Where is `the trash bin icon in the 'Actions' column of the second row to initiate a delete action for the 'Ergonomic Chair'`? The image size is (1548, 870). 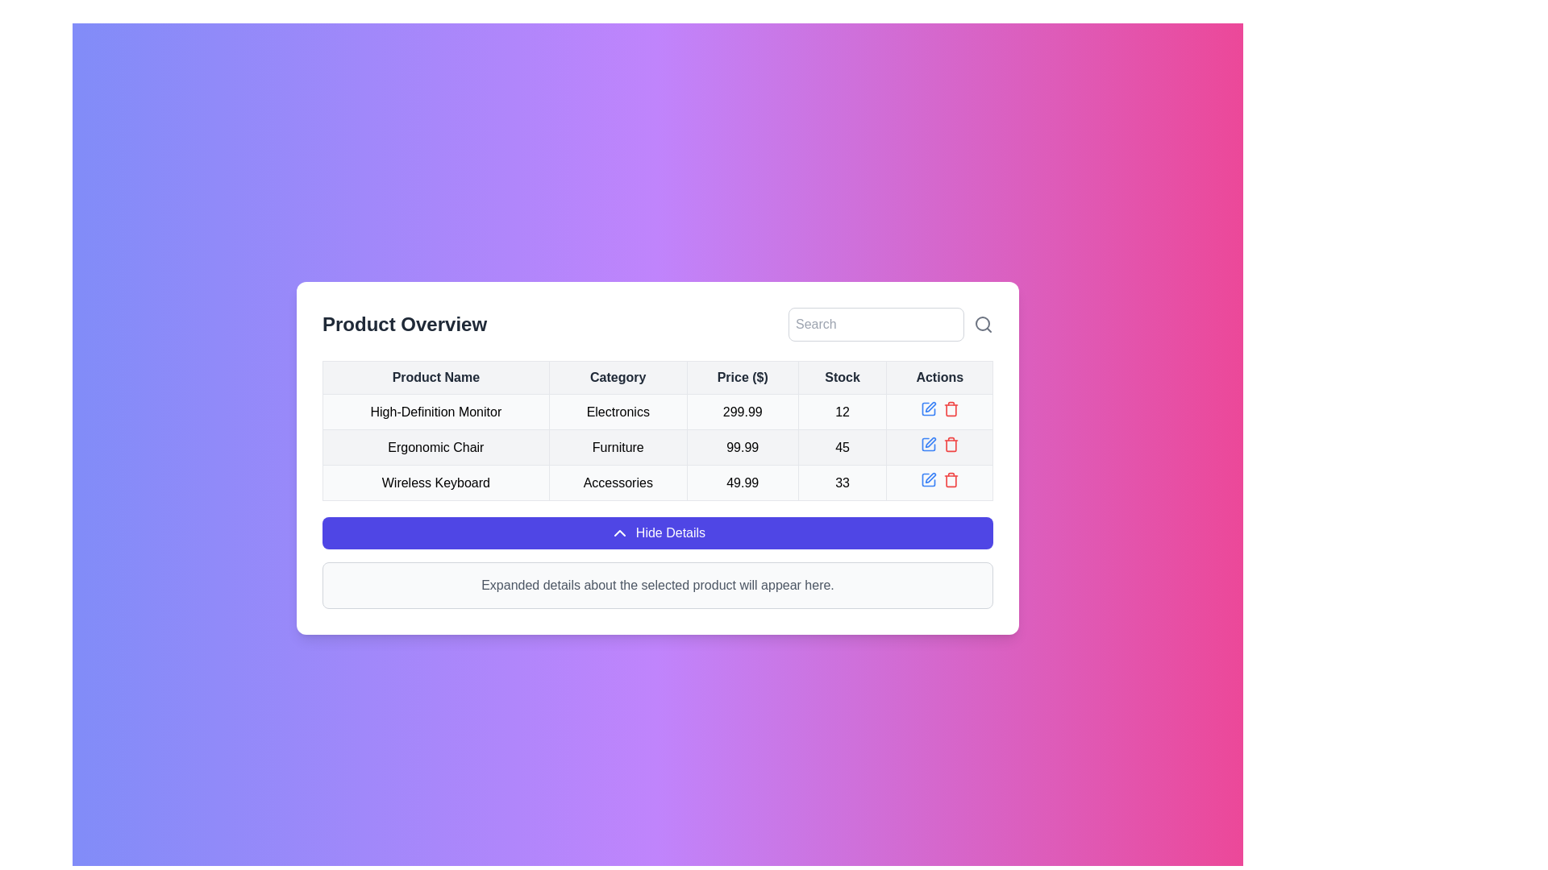 the trash bin icon in the 'Actions' column of the second row to initiate a delete action for the 'Ergonomic Chair' is located at coordinates (951, 408).